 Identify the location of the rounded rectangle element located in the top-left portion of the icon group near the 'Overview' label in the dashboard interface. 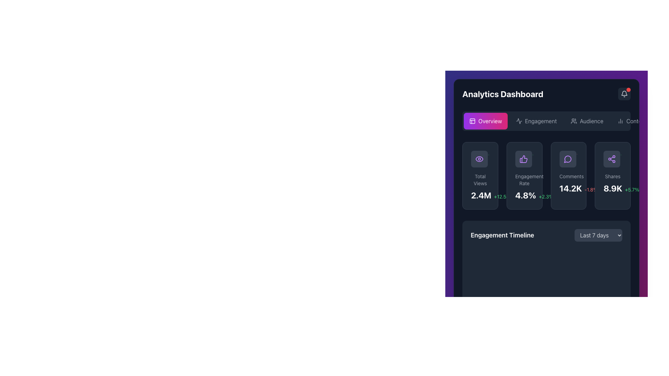
(472, 120).